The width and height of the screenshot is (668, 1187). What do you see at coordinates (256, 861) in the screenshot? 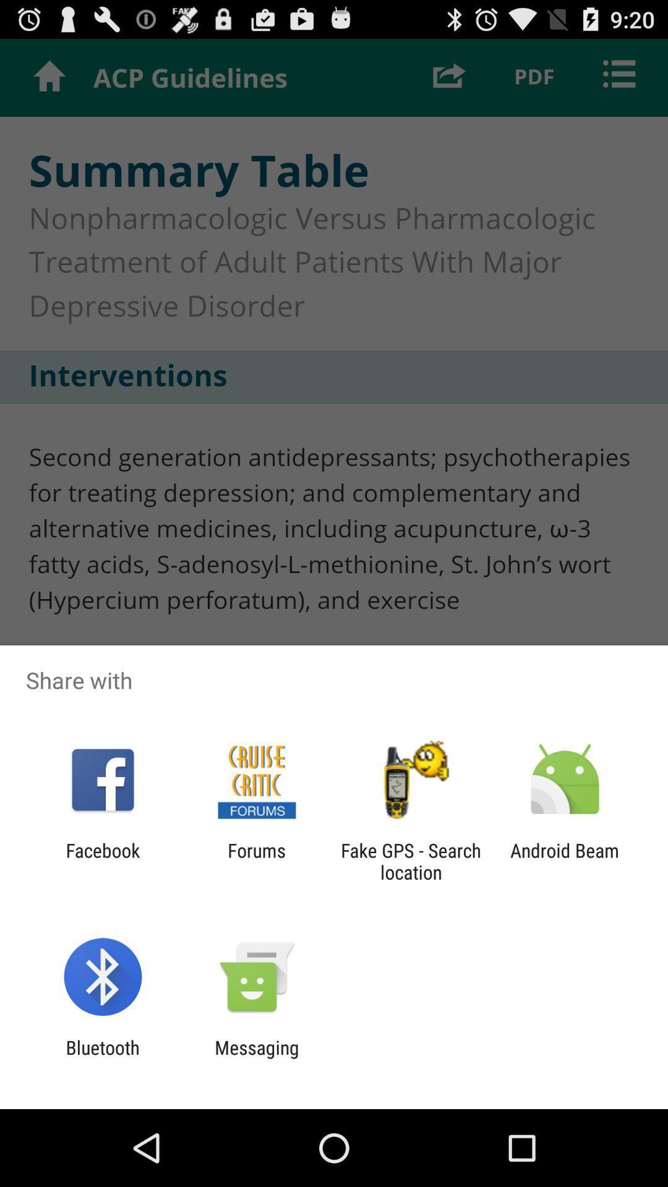
I see `app to the right of the facebook item` at bounding box center [256, 861].